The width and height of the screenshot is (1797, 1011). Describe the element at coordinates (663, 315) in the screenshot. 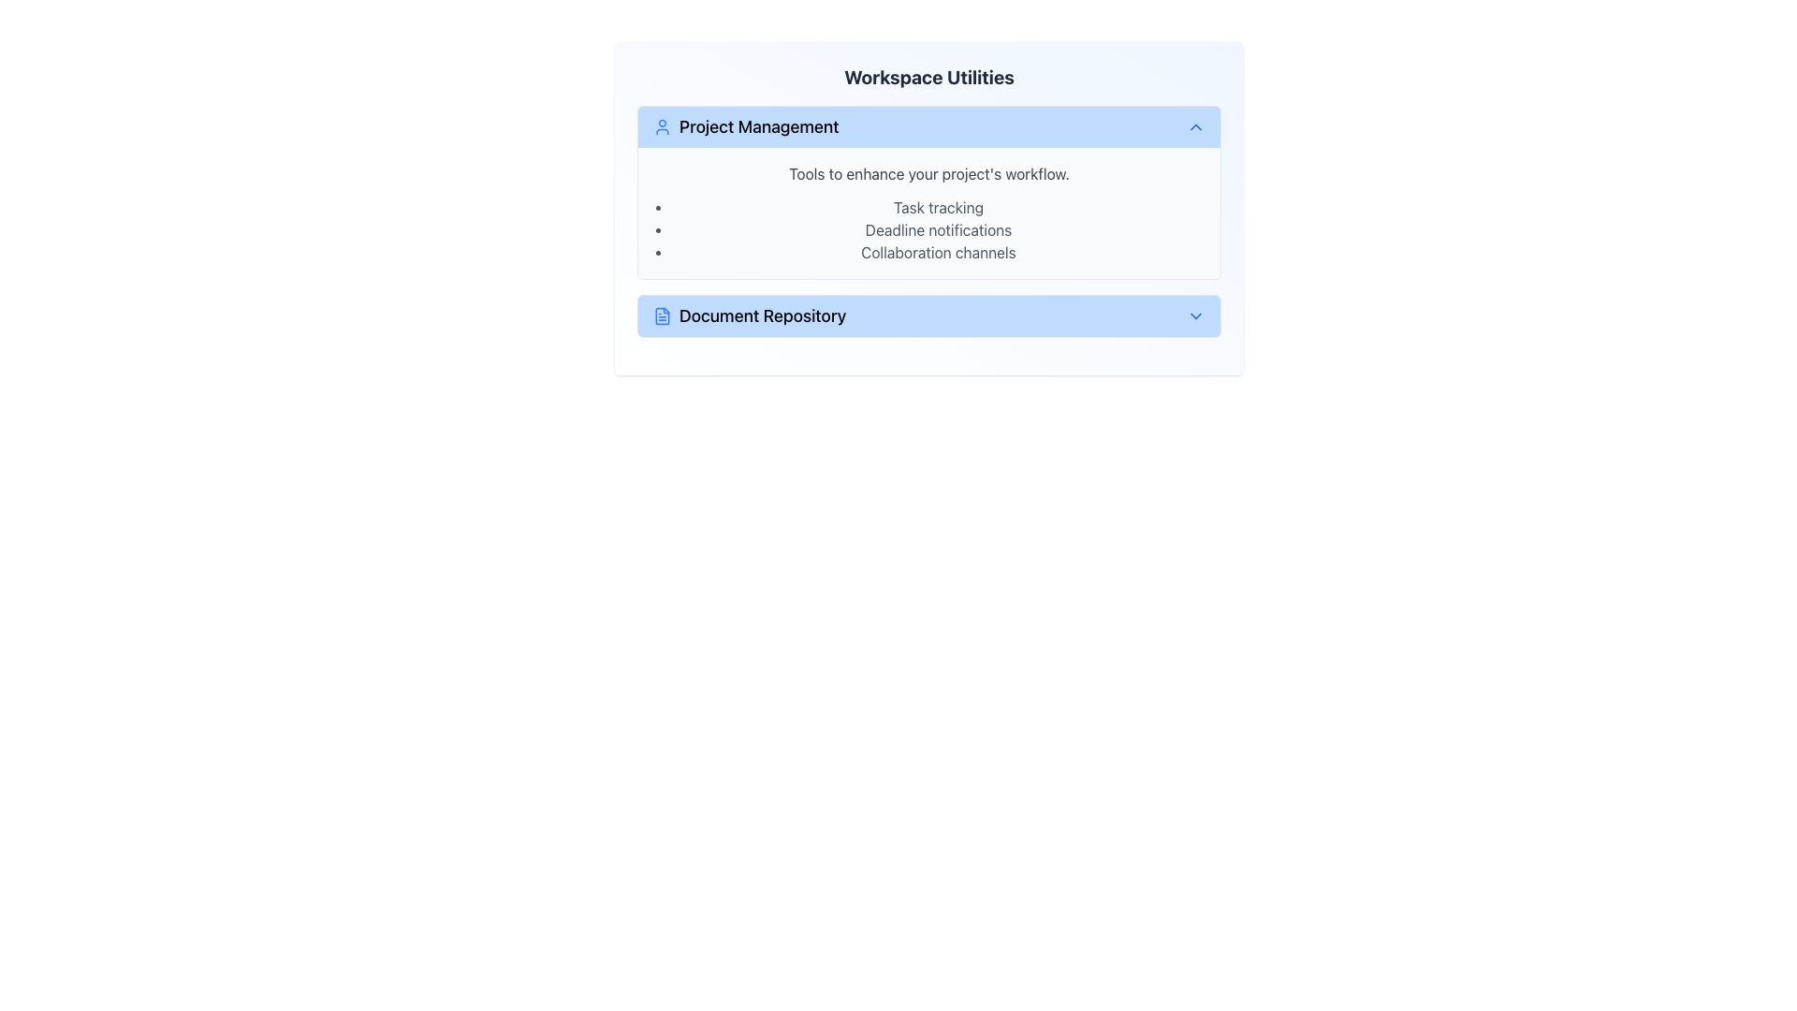

I see `the 'Document Repository' icon, which visually represents the document management section in the Workspace Utilities interface, located to the left of its text label` at that location.